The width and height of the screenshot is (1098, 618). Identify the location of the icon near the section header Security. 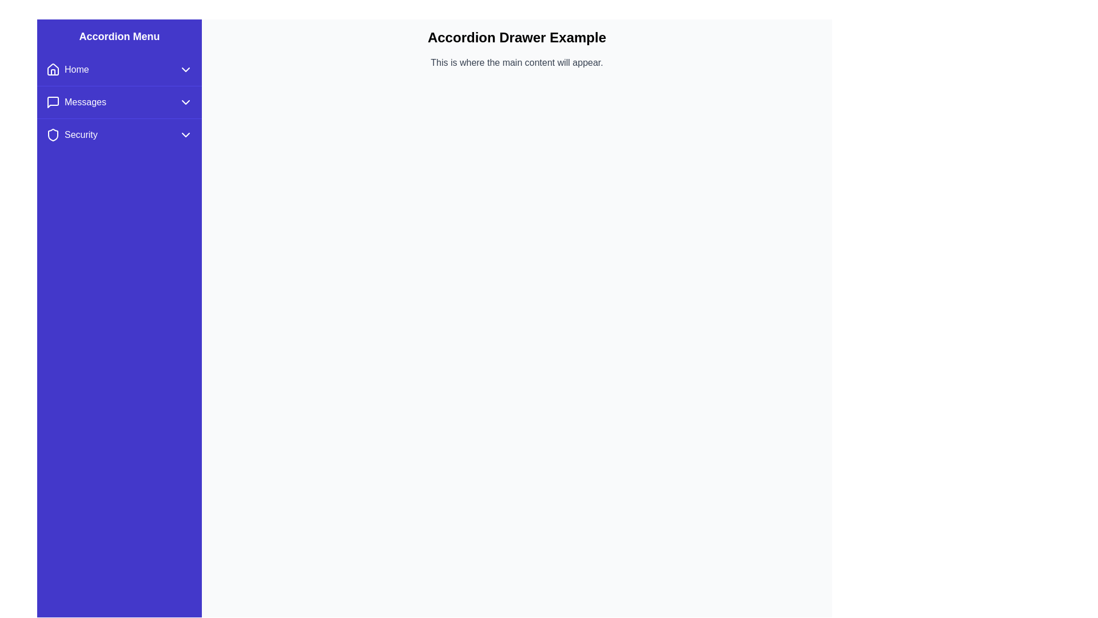
(52, 134).